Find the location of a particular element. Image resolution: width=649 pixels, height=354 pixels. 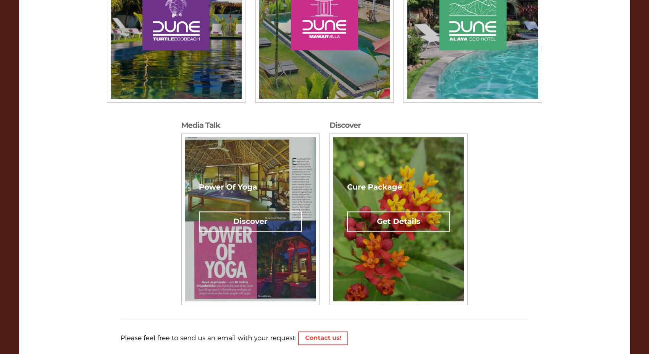

'Pool of the Hotel Dune Alaya Yoga near Pemutaran in the North west of Bali Island in Indonésia' is located at coordinates (504, 79).